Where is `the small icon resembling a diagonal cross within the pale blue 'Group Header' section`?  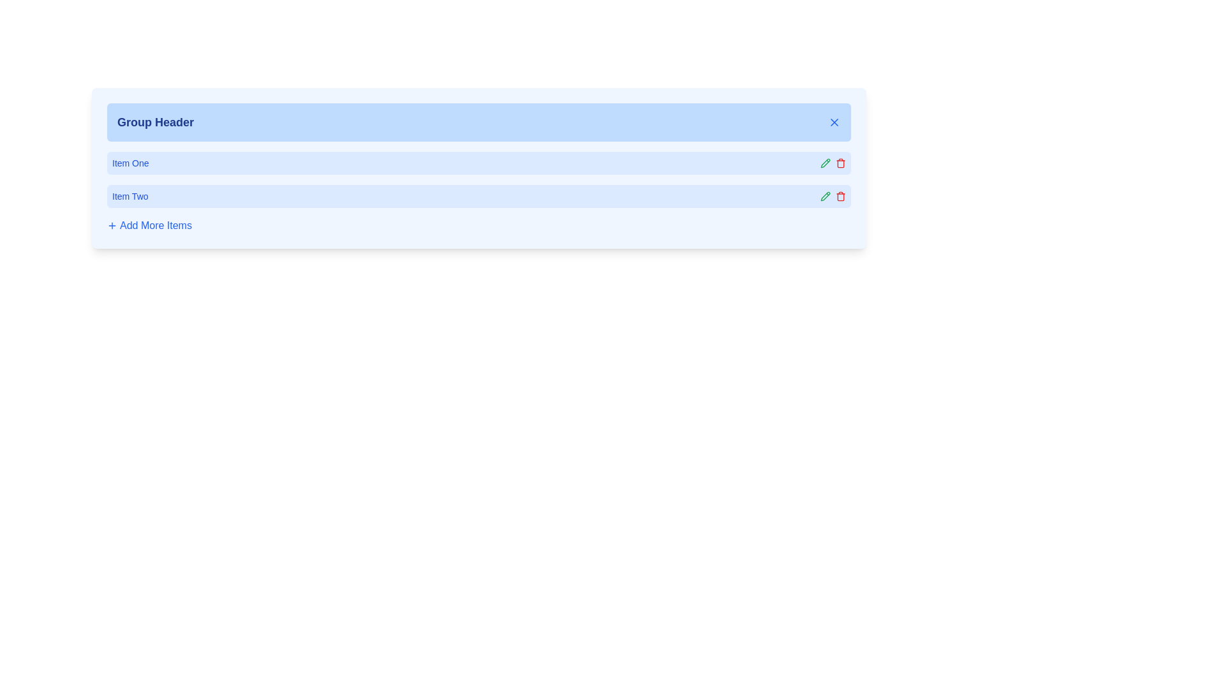 the small icon resembling a diagonal cross within the pale blue 'Group Header' section is located at coordinates (835, 122).